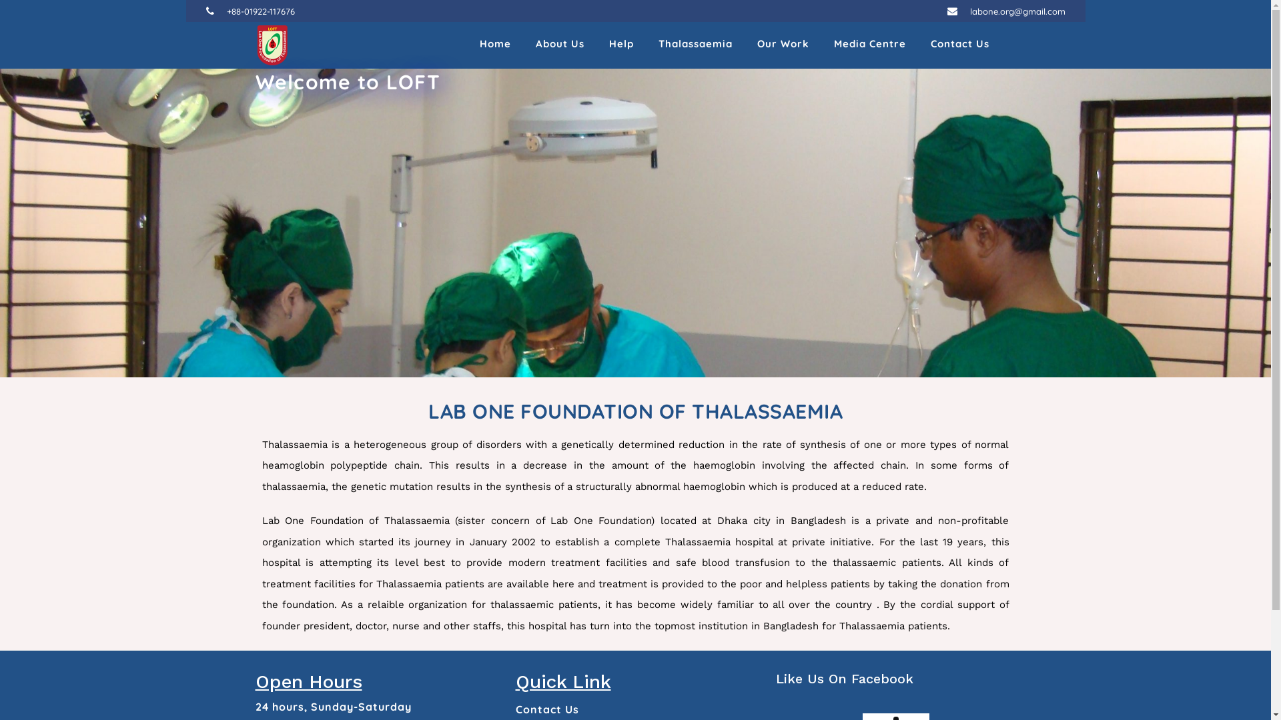 The width and height of the screenshot is (1281, 720). What do you see at coordinates (559, 45) in the screenshot?
I see `'About Us'` at bounding box center [559, 45].